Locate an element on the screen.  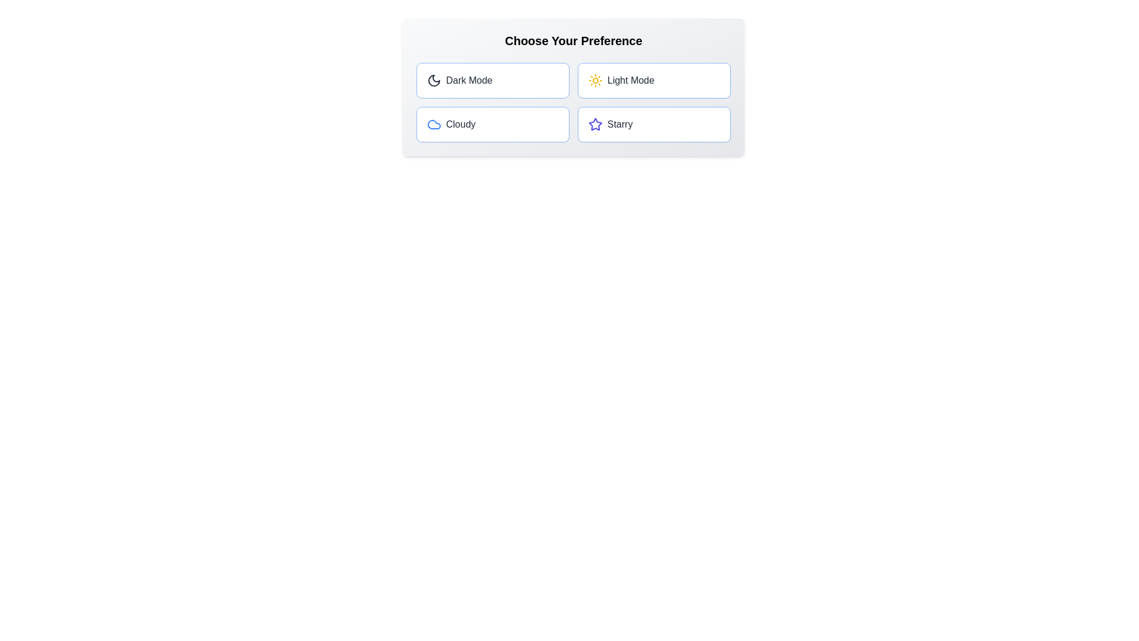
non-interactive description text of the Toggle option for Light Mode, which is located in the top row, second column of a 2x2 grid layout, adjacent to the Dark Mode element is located at coordinates (621, 80).